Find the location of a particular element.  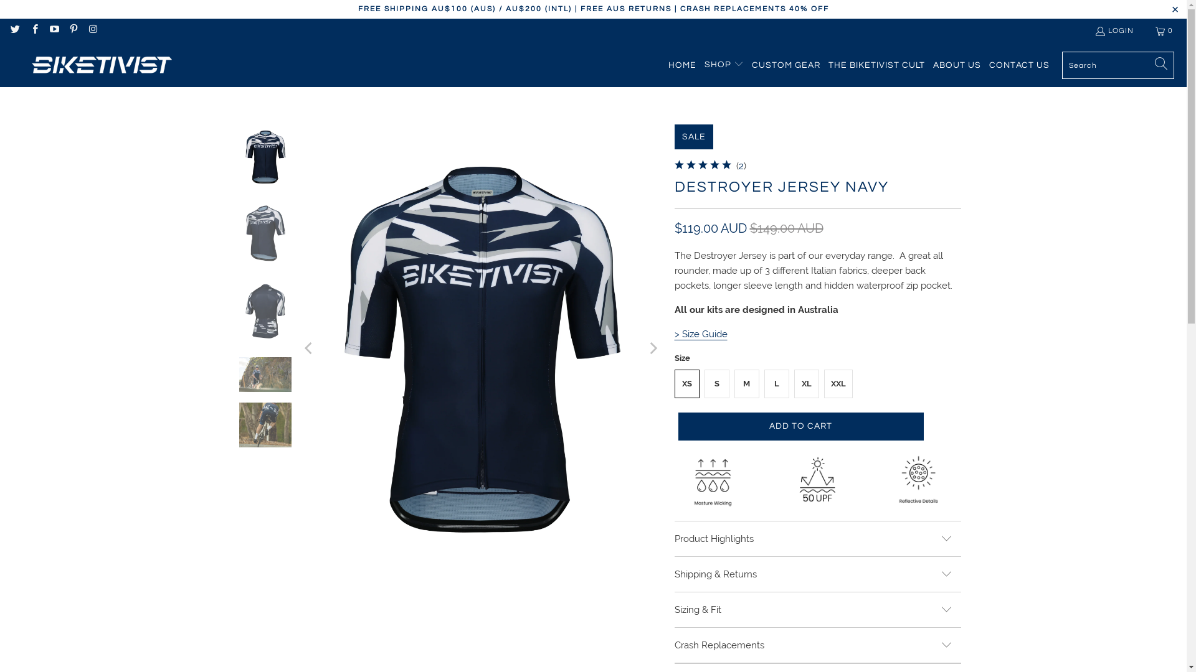

'2 is located at coordinates (741, 165).